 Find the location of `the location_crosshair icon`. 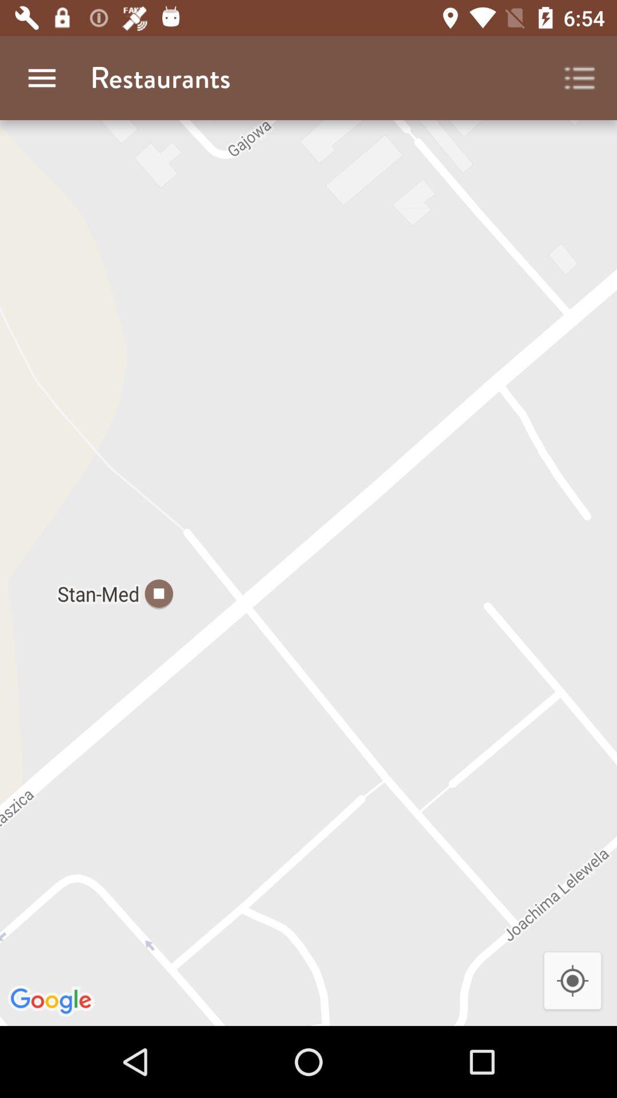

the location_crosshair icon is located at coordinates (572, 981).